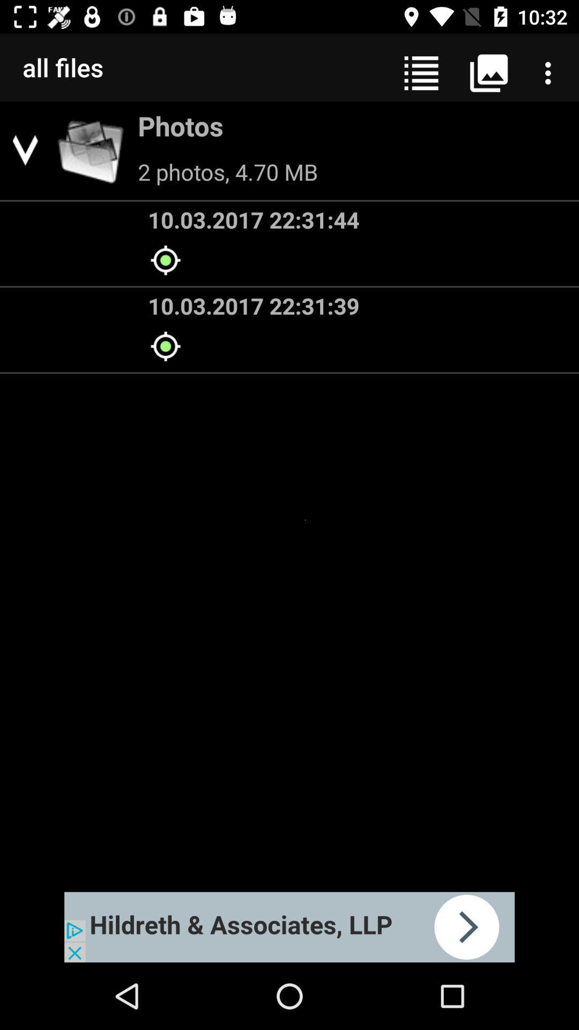 This screenshot has height=1030, width=579. Describe the element at coordinates (289, 926) in the screenshot. I see `space where you access advertising` at that location.